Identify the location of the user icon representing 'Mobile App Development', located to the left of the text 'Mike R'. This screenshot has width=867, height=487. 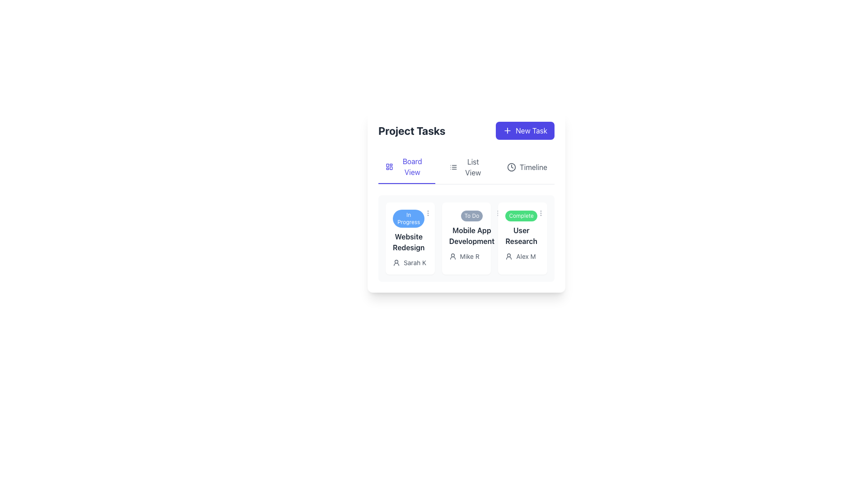
(452, 257).